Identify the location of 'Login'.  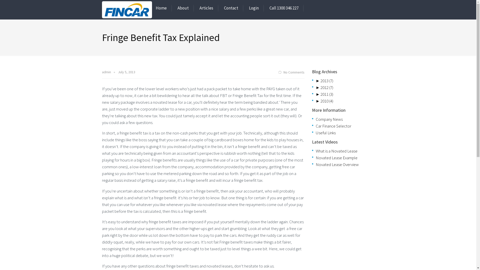
(254, 8).